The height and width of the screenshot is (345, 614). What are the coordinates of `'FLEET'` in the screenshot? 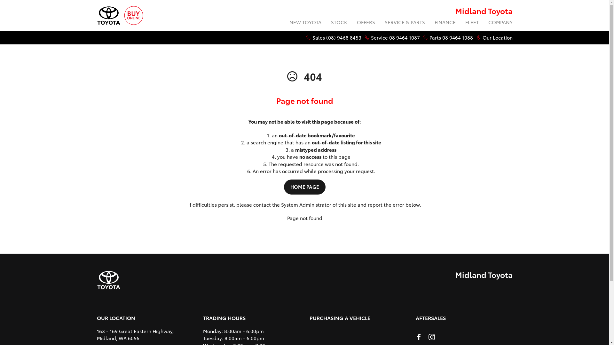 It's located at (472, 23).